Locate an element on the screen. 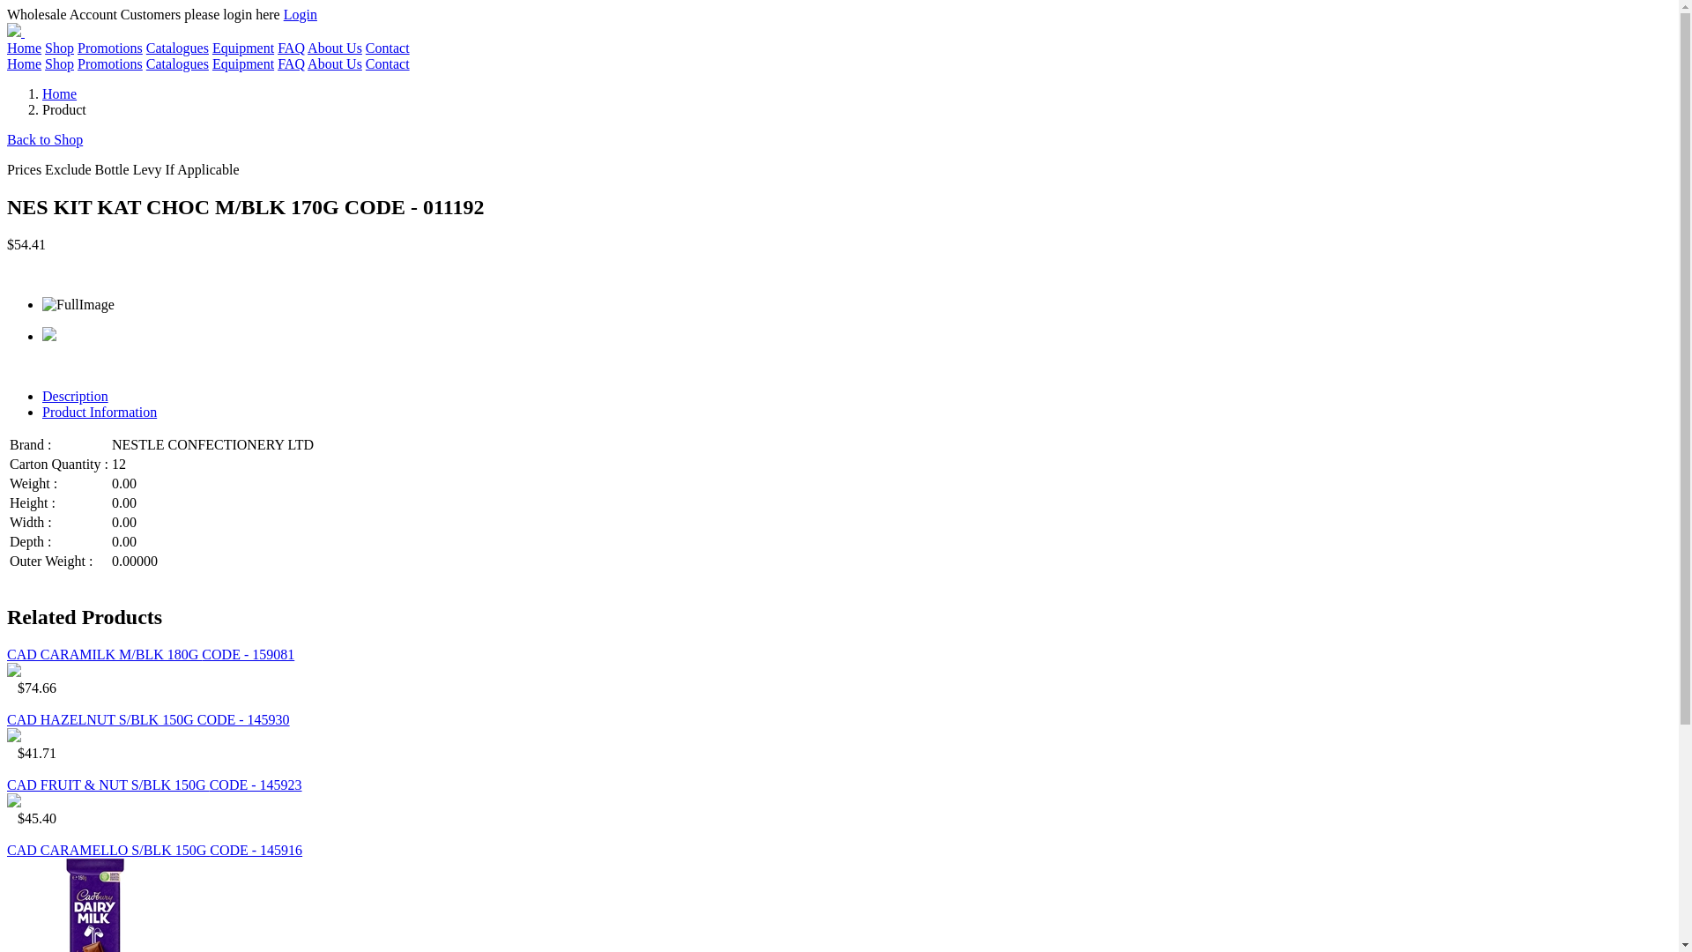  'Contact' is located at coordinates (387, 63).